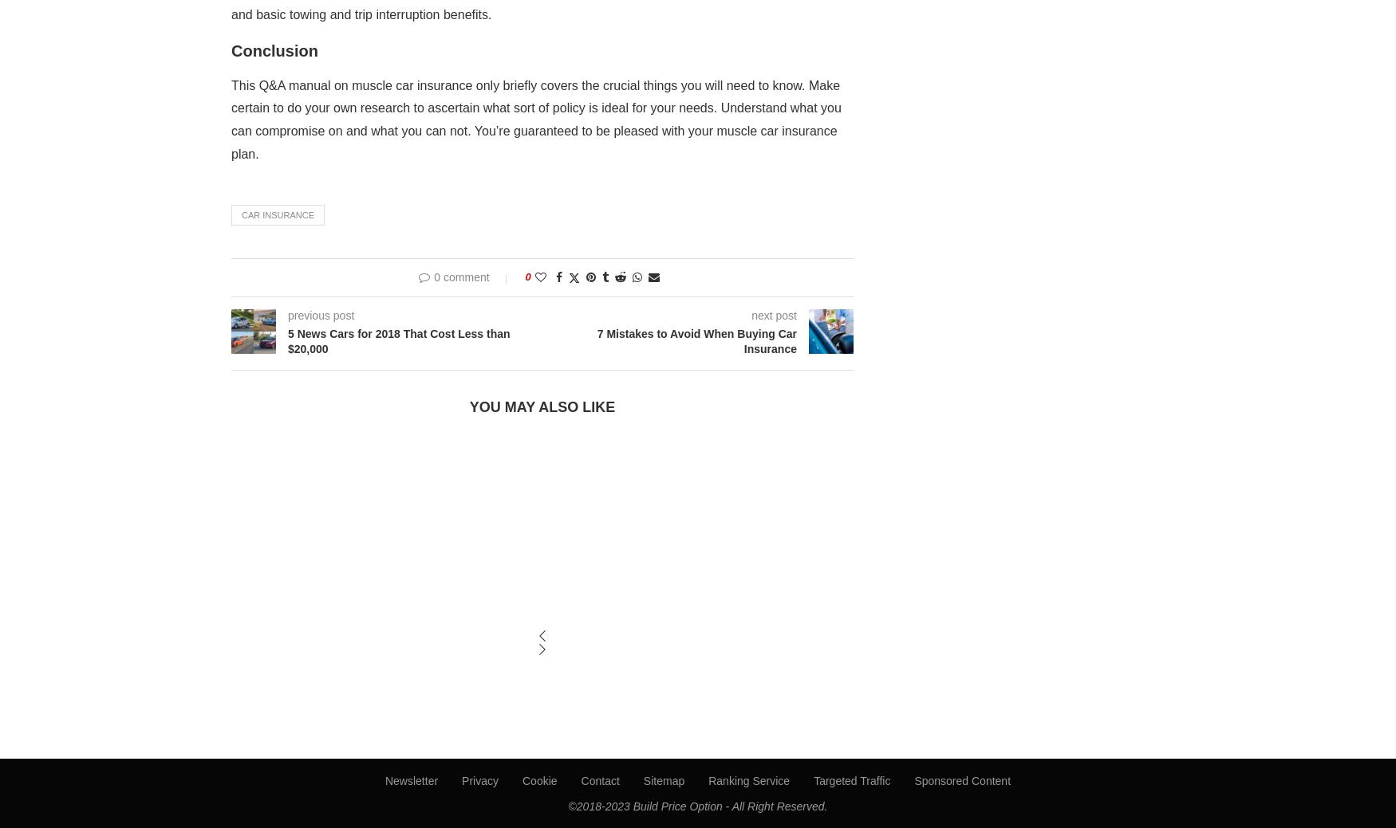  I want to click on 'previous post', so click(320, 314).